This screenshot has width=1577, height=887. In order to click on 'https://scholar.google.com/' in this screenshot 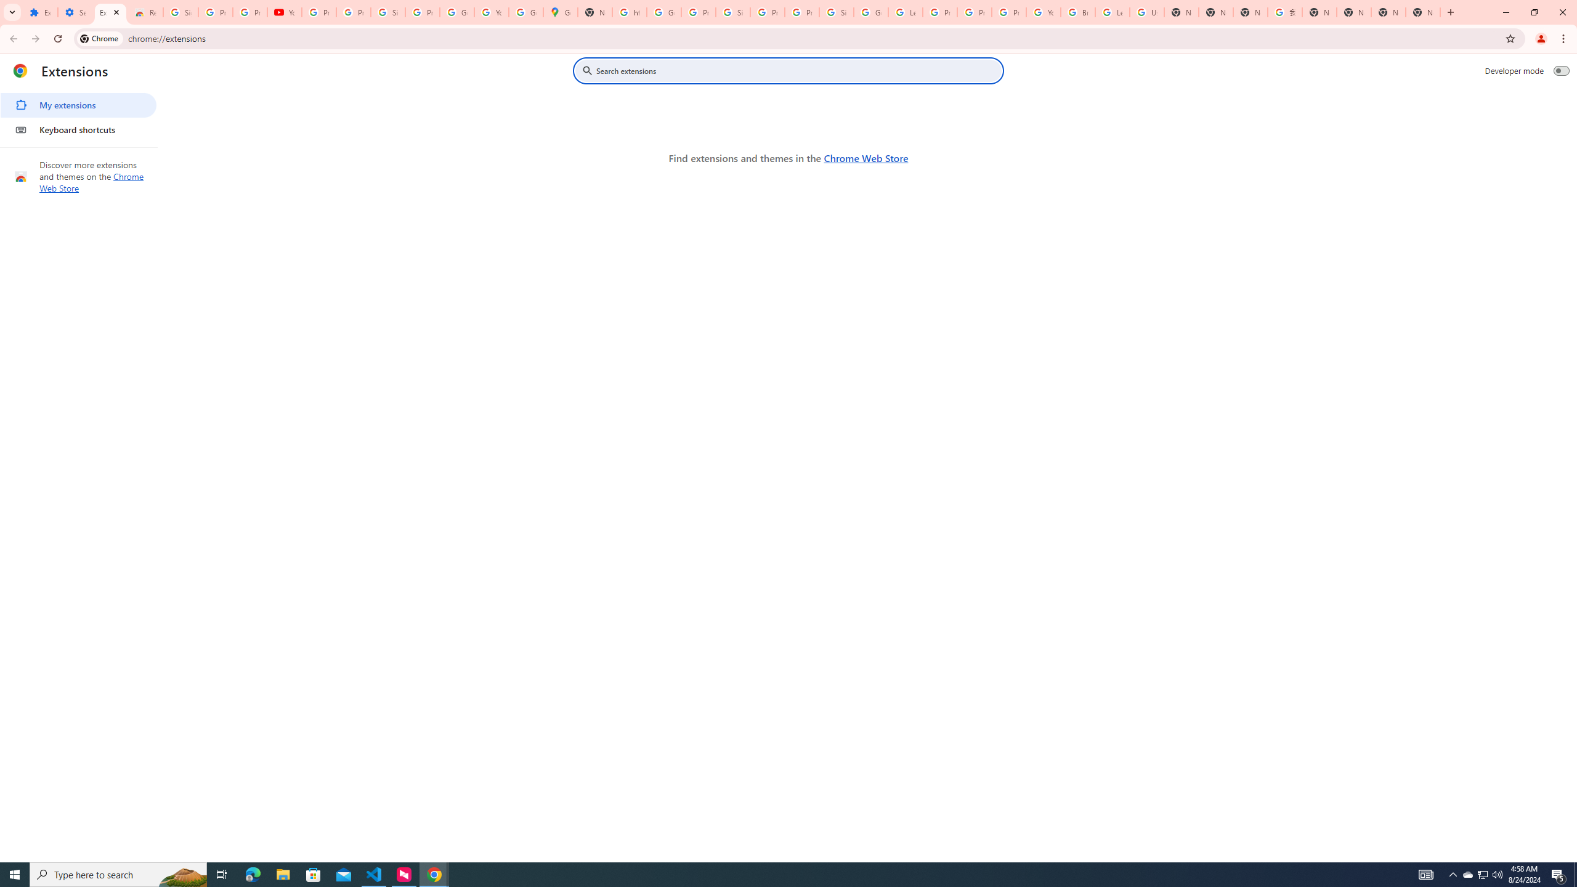, I will do `click(630, 12)`.